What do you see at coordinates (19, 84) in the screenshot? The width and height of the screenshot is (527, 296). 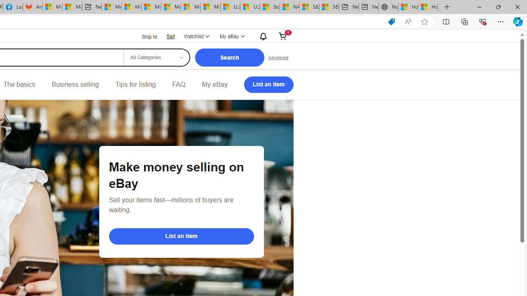 I see `'The basics'` at bounding box center [19, 84].